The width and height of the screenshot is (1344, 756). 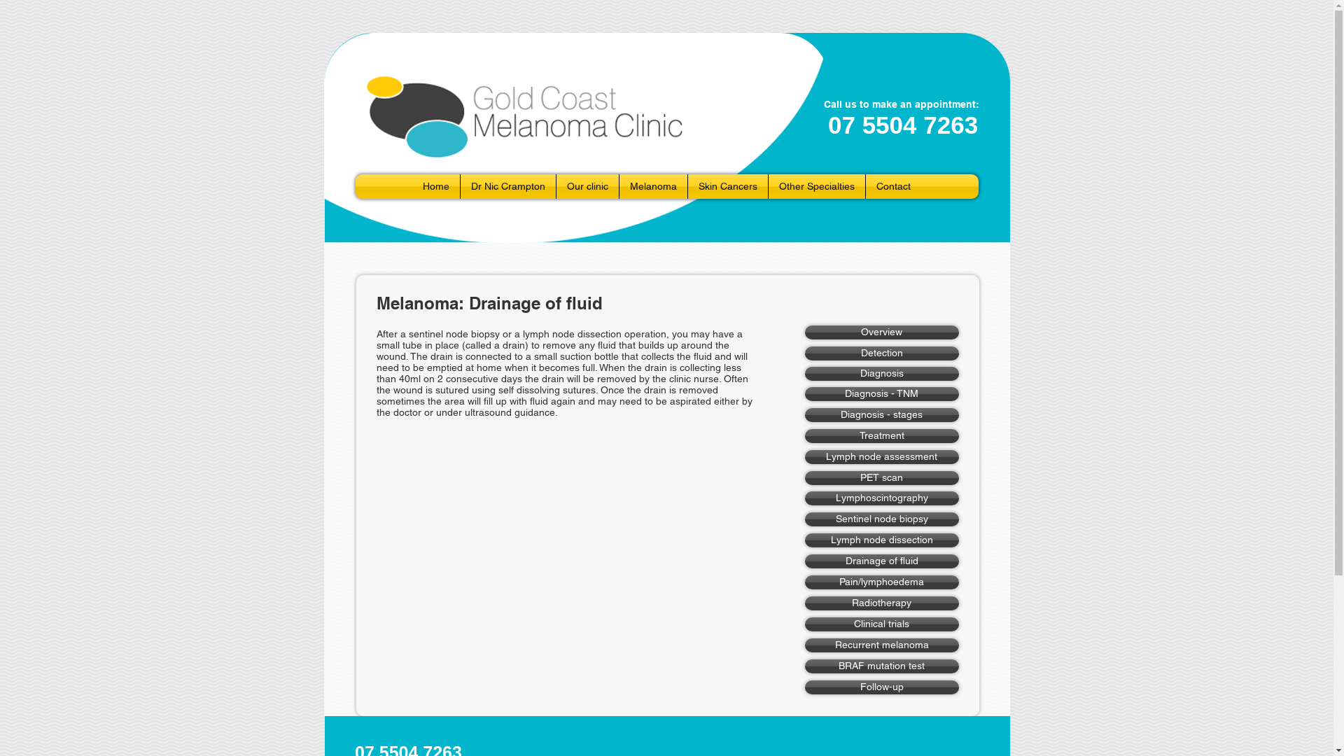 I want to click on 'Sentinel node biopsy', so click(x=881, y=519).